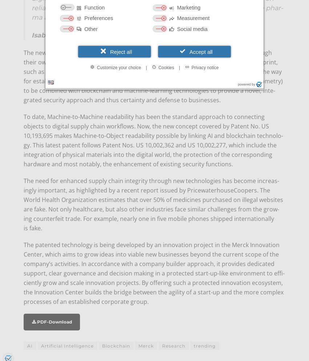 The image size is (309, 361). What do you see at coordinates (30, 345) in the screenshot?
I see `'AI'` at bounding box center [30, 345].